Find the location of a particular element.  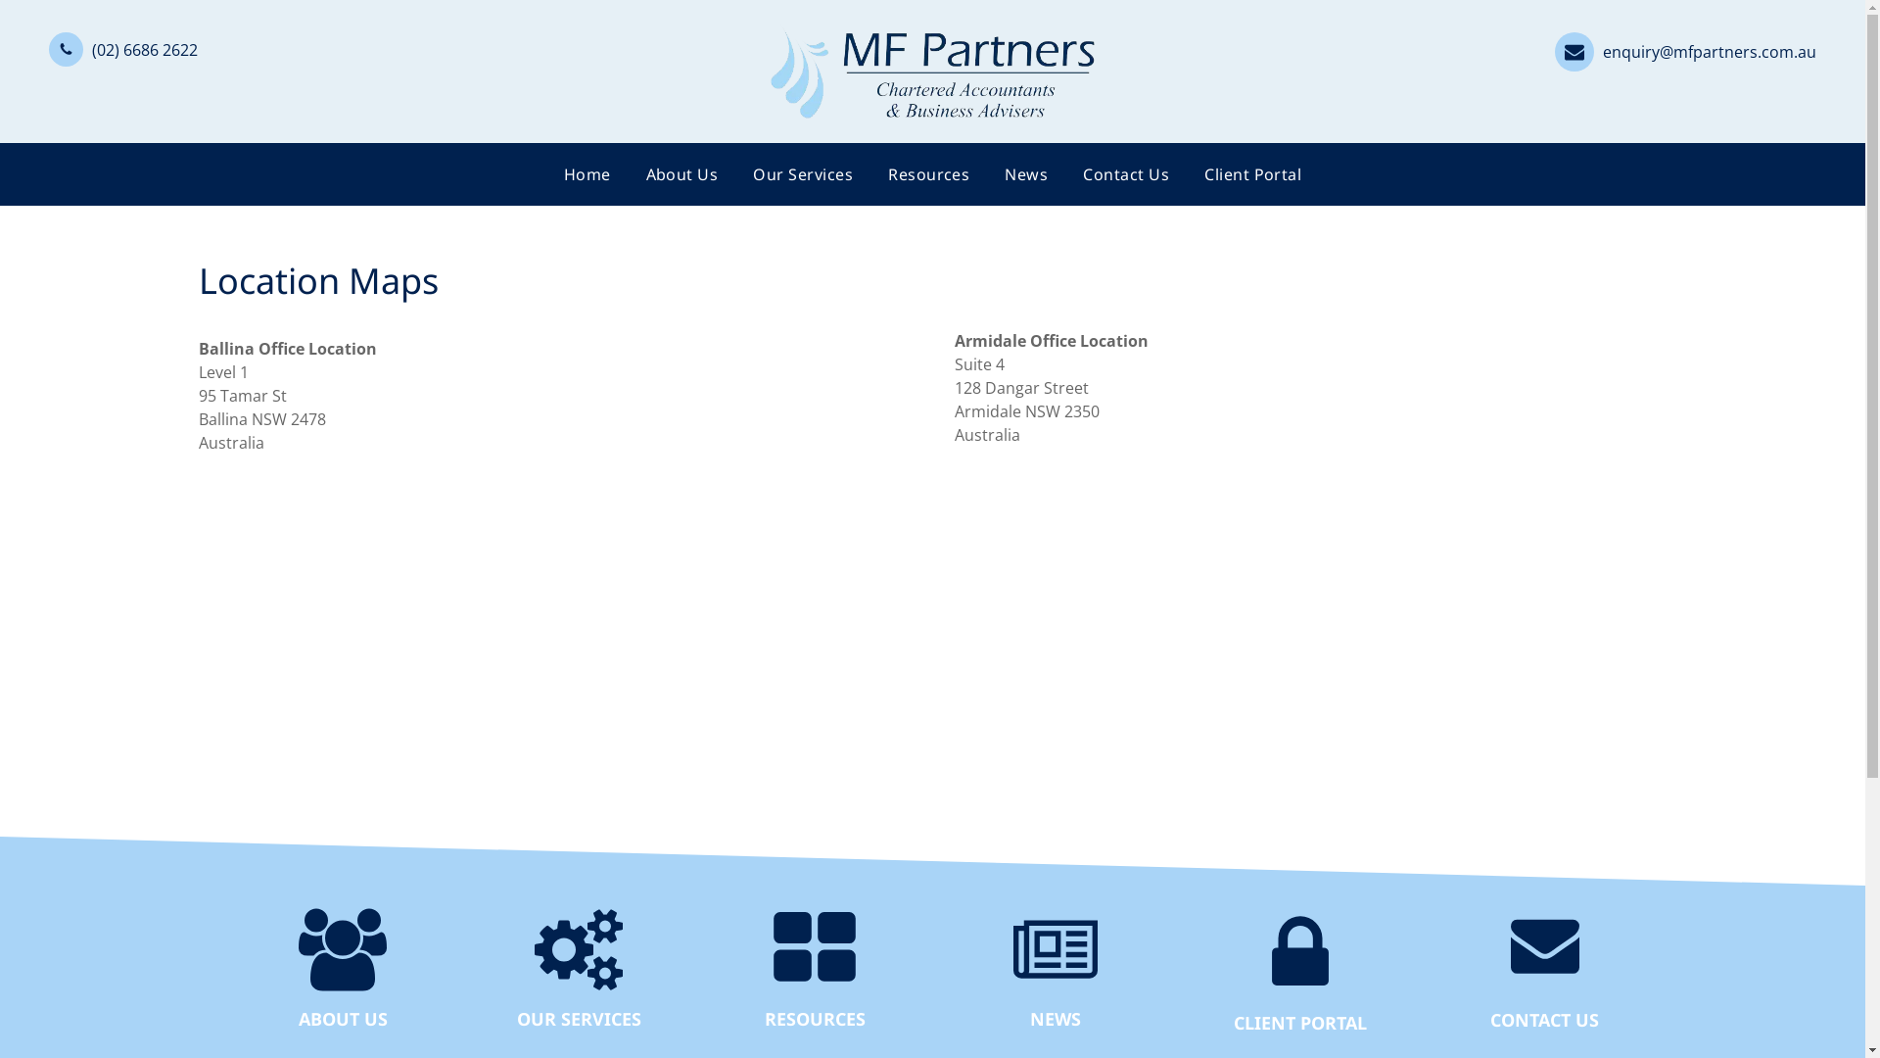

'MF Partners Chartered Accountants' is located at coordinates (930, 71).